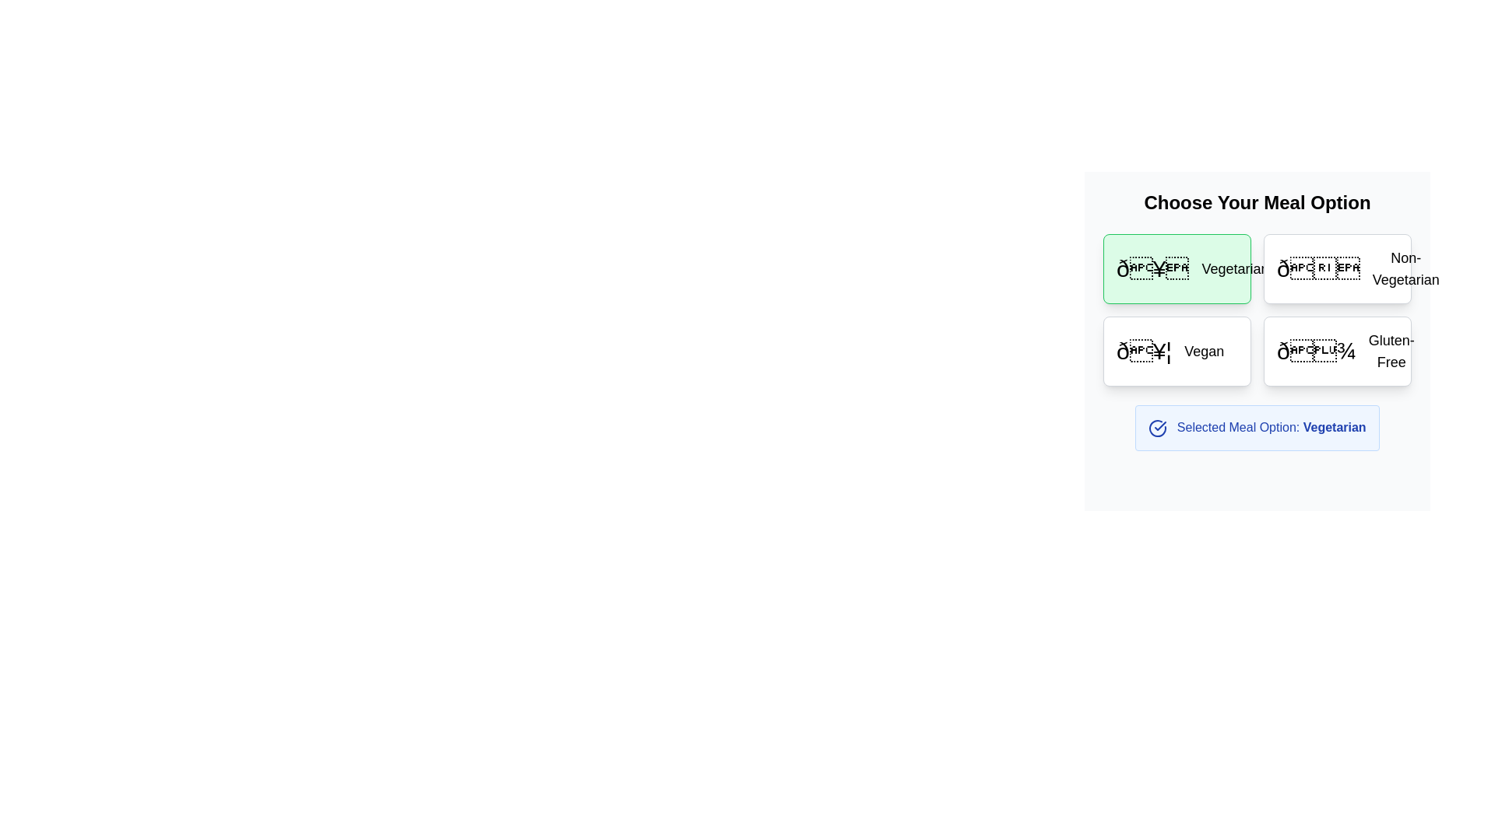 The image size is (1495, 840). Describe the element at coordinates (1337, 268) in the screenshot. I see `the 'Non-Vegetarian' button, which is a rectangular button with a white background, gray border, and rounded edges, located in the second column of the top row in the food options grid` at that location.